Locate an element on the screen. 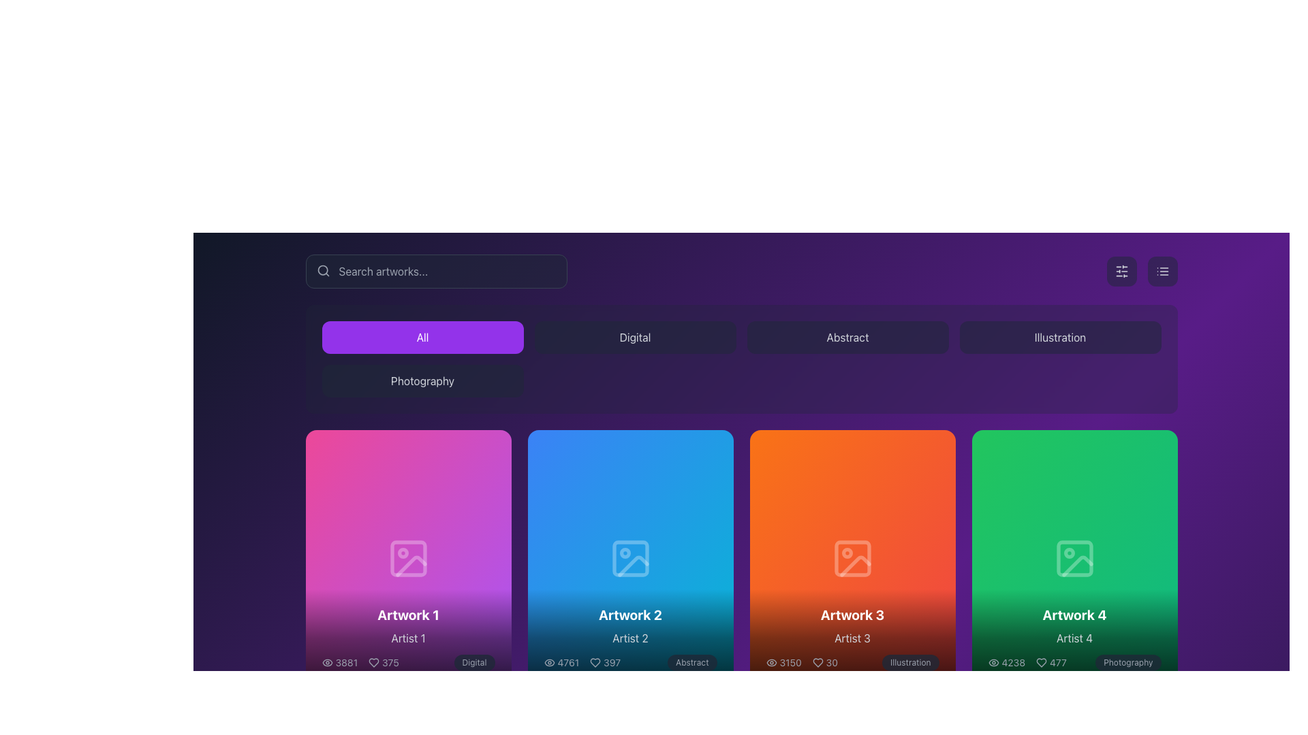 The height and width of the screenshot is (735, 1308). the circular lens within the magnifying glass icon is located at coordinates (322, 270).